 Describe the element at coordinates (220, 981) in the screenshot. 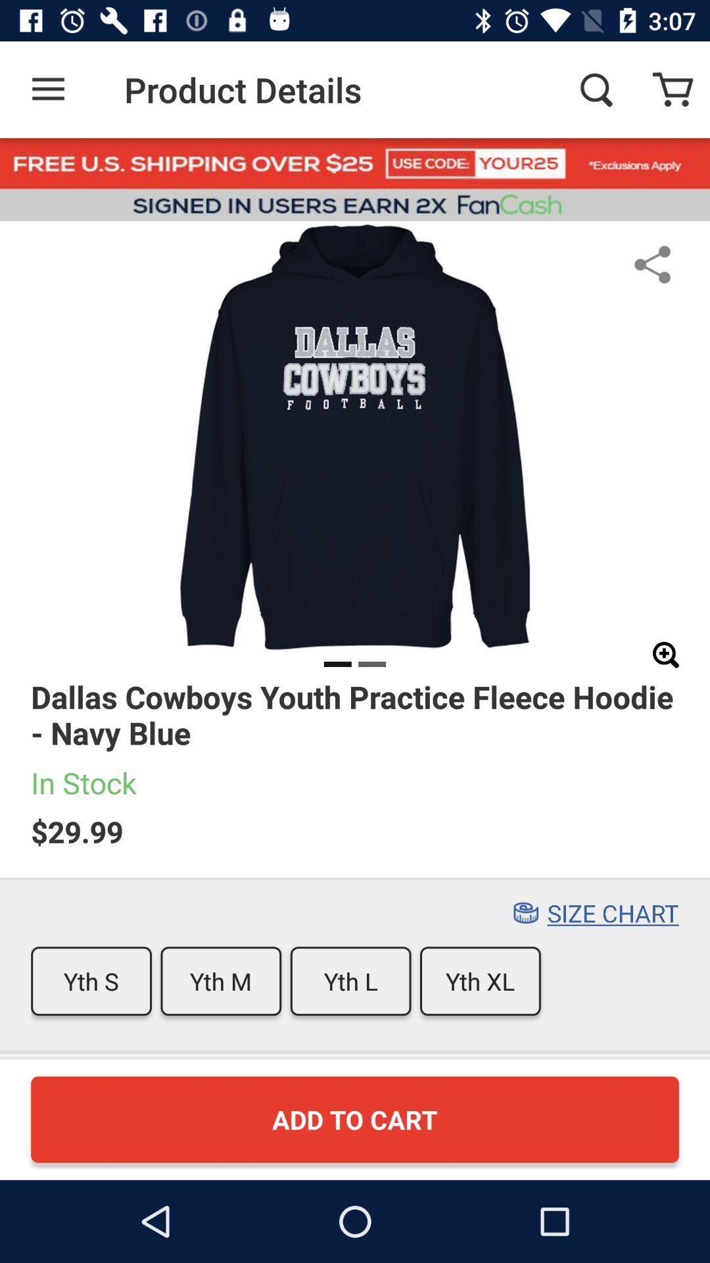

I see `icon next to the yth l item` at that location.